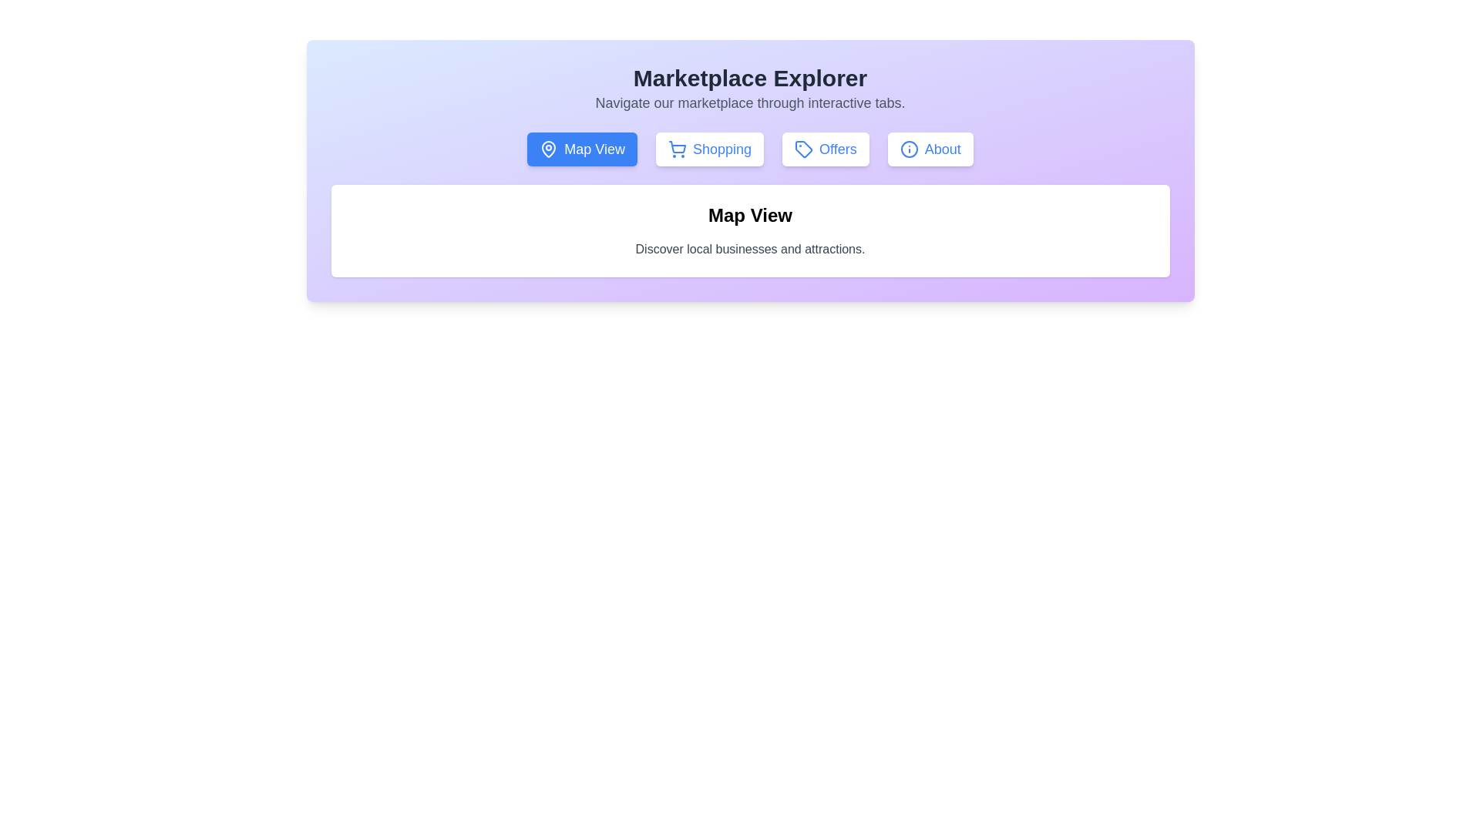  What do you see at coordinates (581, 149) in the screenshot?
I see `the tab labeled Map View to view its content` at bounding box center [581, 149].